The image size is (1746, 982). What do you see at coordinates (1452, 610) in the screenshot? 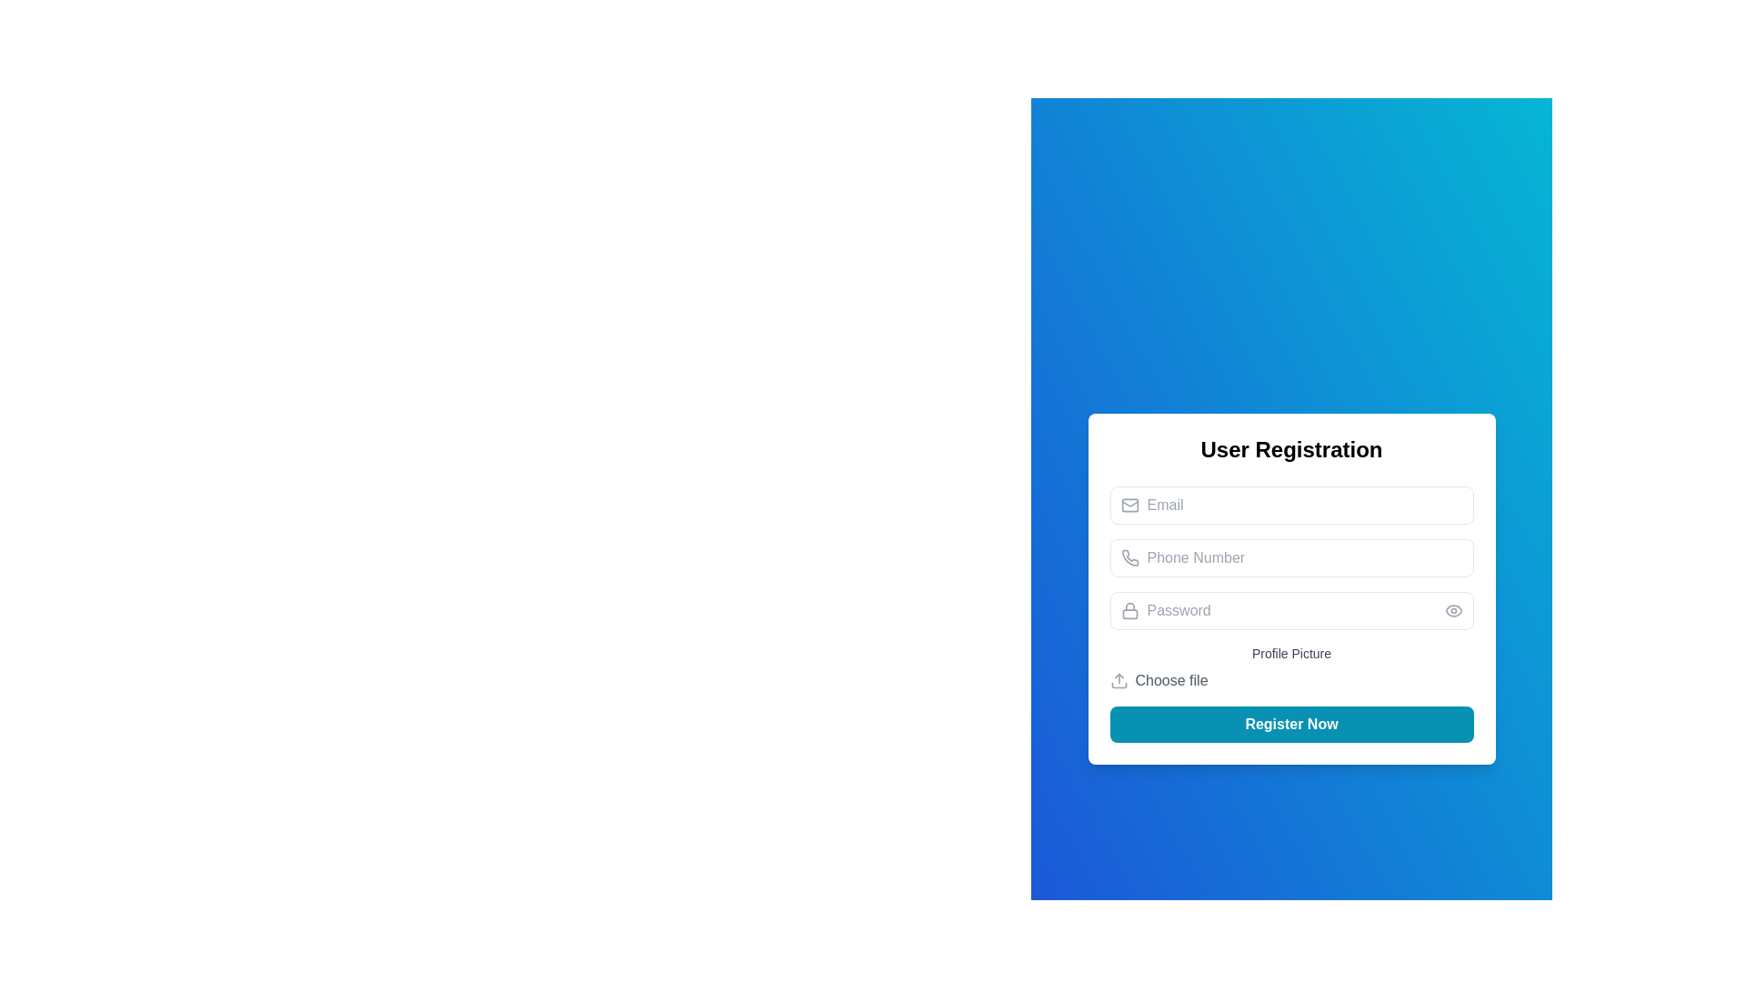
I see `the visibility toggle button located to the far right of the password input field` at bounding box center [1452, 610].